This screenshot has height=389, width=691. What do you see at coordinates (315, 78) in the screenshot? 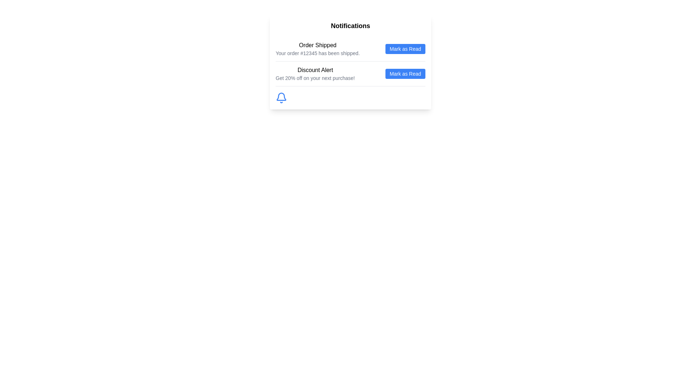
I see `the text label that says 'Get 20% off on your next purchase!', which is styled as supporting text for the 'Discount Alert' heading and is centered within its notification block` at bounding box center [315, 78].